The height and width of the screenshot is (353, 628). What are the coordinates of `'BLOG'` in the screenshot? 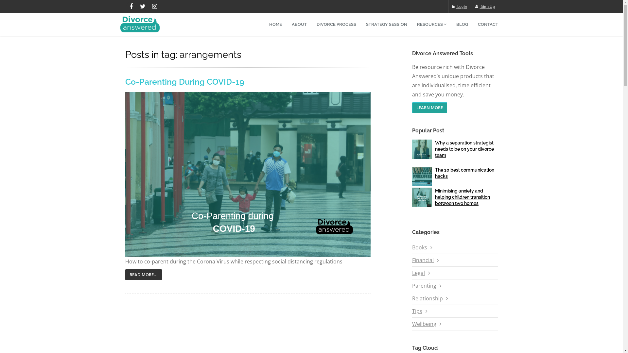 It's located at (462, 24).